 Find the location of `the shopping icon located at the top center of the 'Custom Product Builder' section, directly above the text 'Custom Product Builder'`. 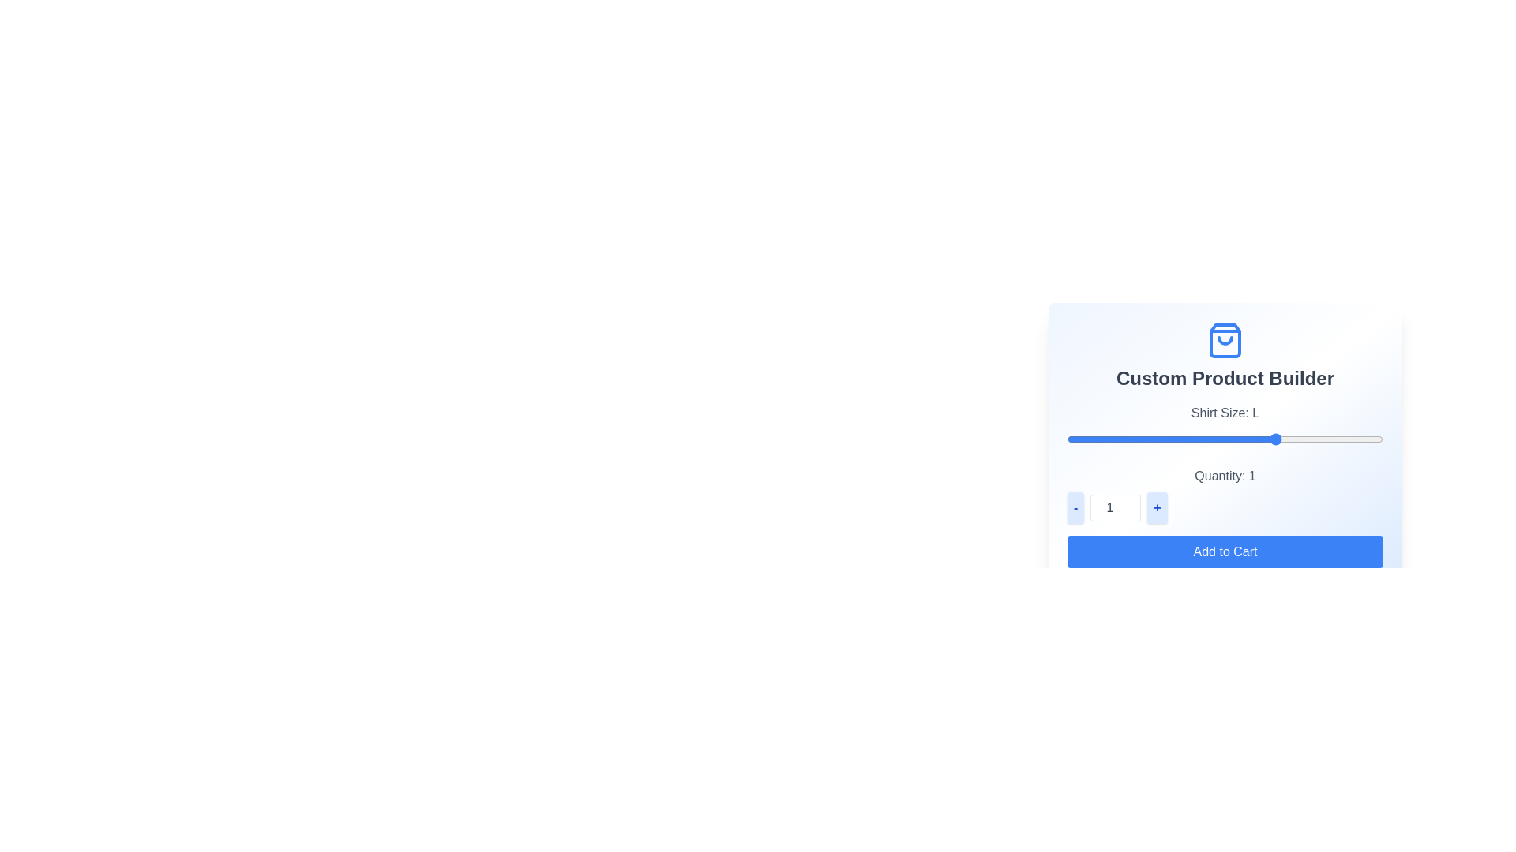

the shopping icon located at the top center of the 'Custom Product Builder' section, directly above the text 'Custom Product Builder' is located at coordinates (1224, 340).